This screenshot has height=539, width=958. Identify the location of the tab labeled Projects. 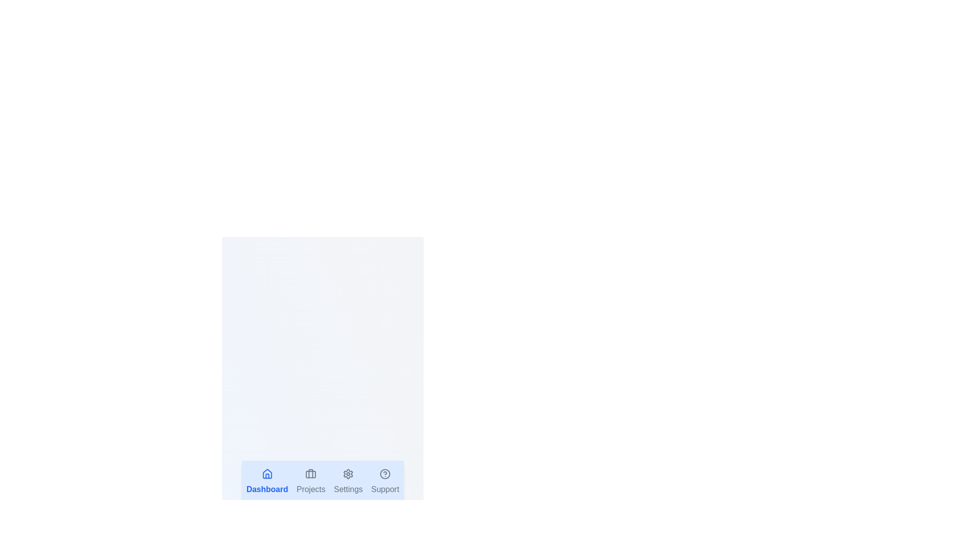
(310, 481).